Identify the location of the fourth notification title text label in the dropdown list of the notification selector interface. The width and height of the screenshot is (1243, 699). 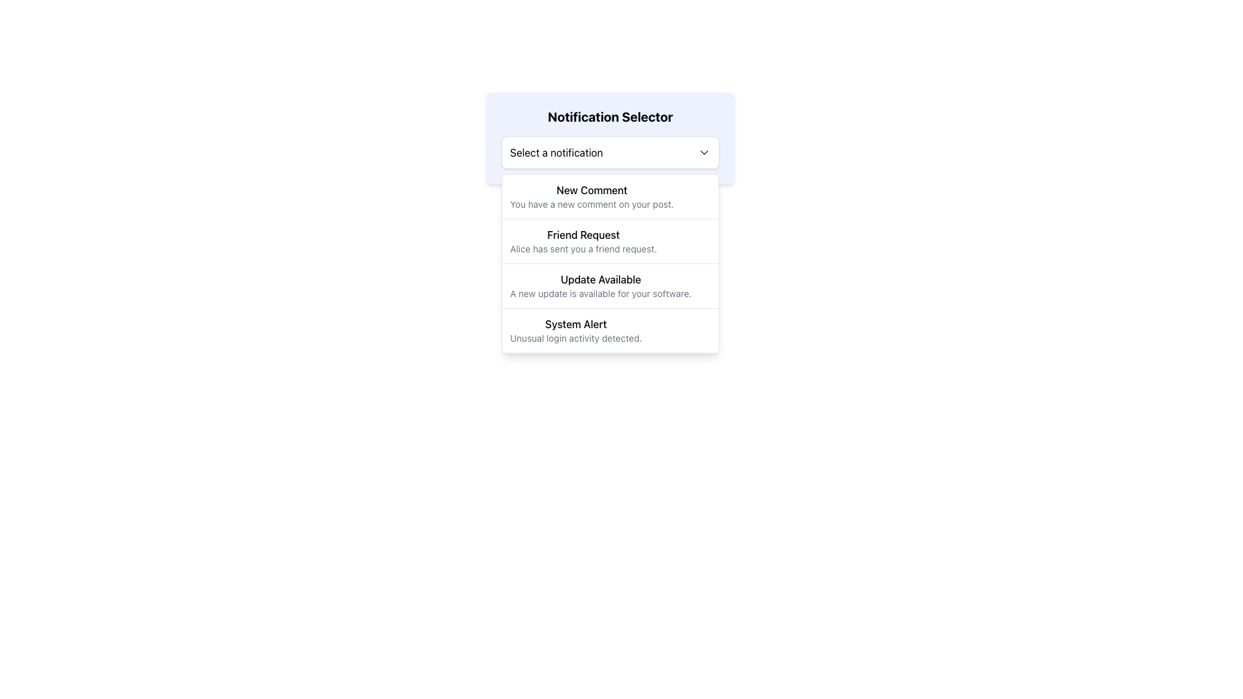
(575, 324).